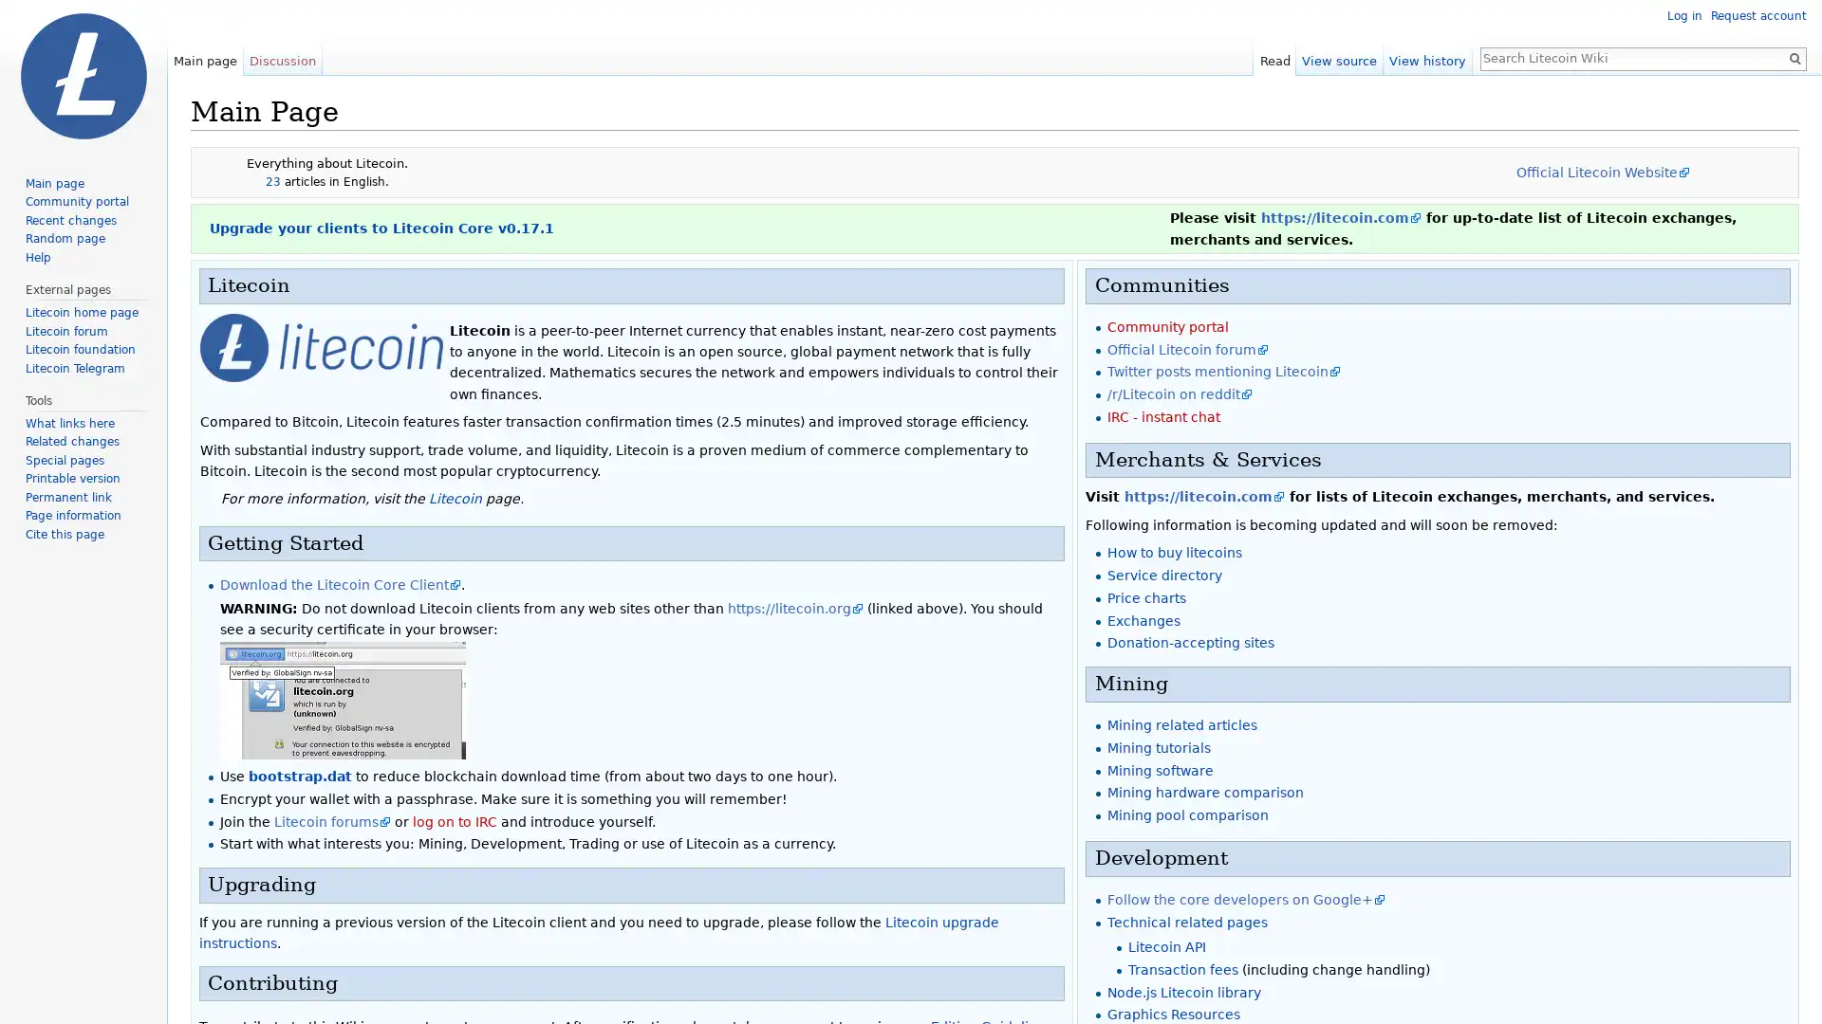  What do you see at coordinates (1794, 57) in the screenshot?
I see `Go` at bounding box center [1794, 57].